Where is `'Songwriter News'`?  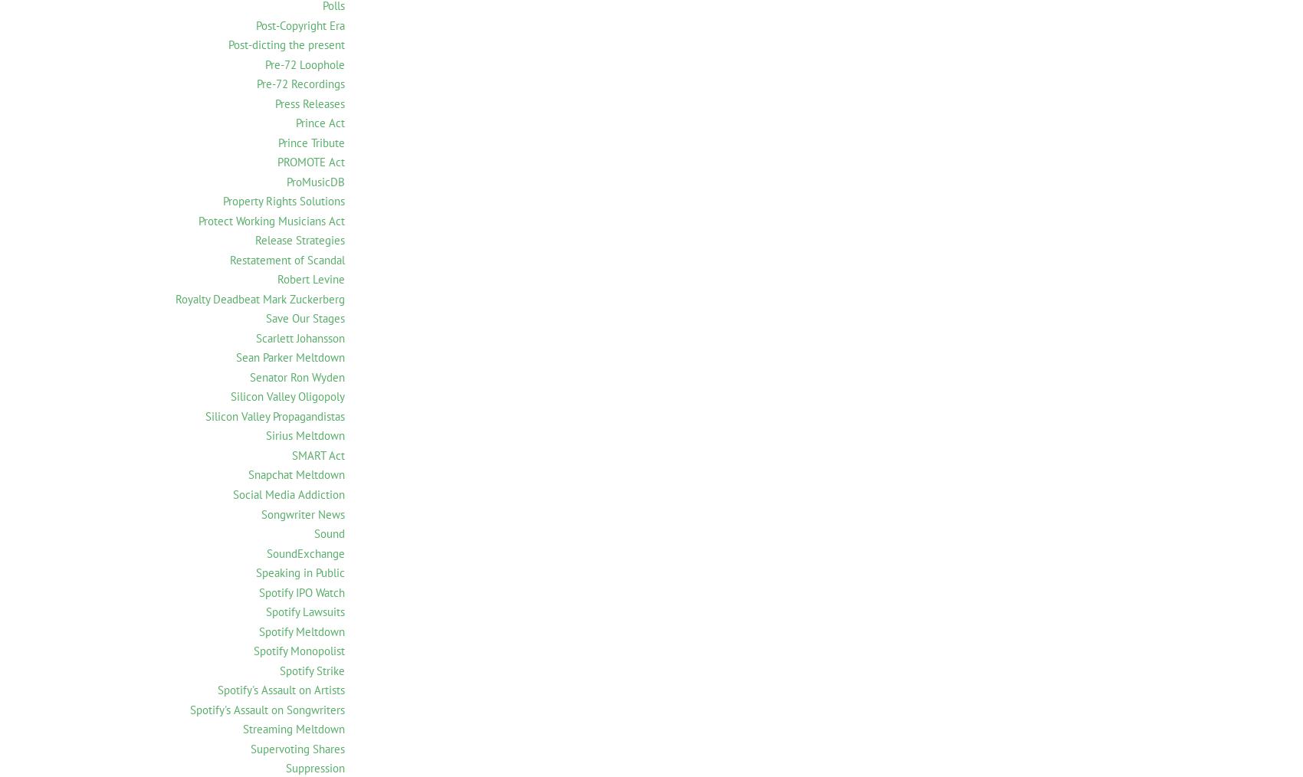 'Songwriter News' is located at coordinates (261, 513).